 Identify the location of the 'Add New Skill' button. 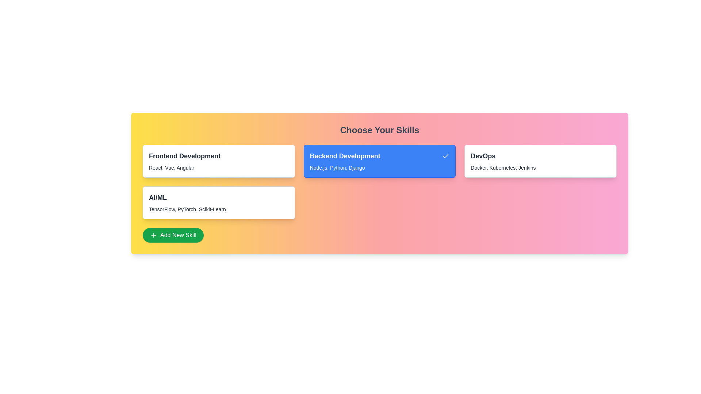
(173, 235).